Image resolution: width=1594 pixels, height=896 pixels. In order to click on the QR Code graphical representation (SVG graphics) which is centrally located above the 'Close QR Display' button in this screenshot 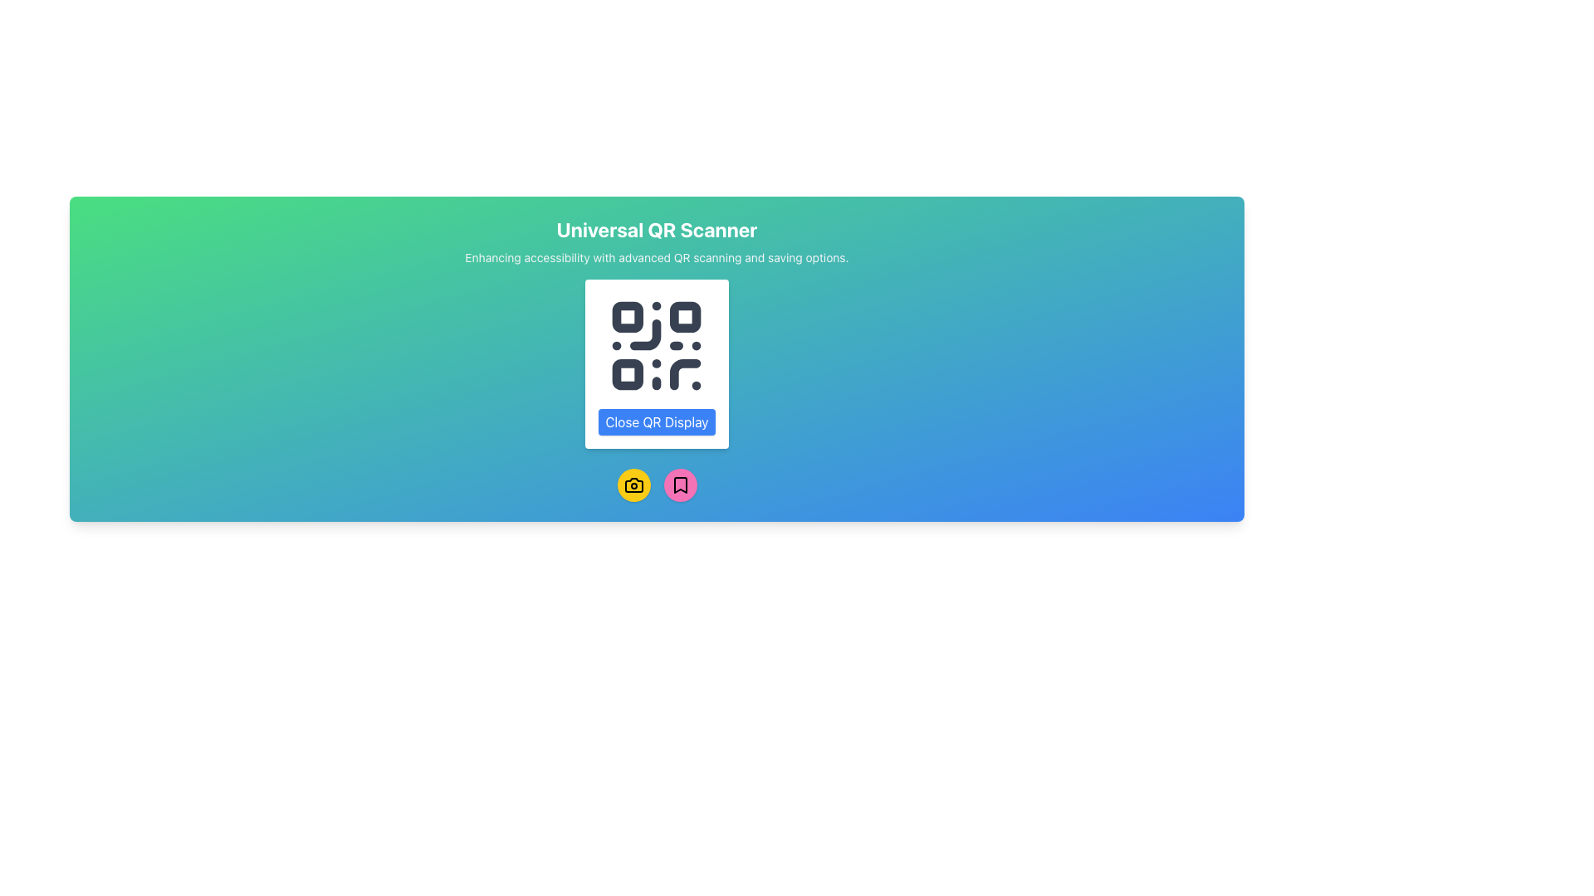, I will do `click(656, 344)`.